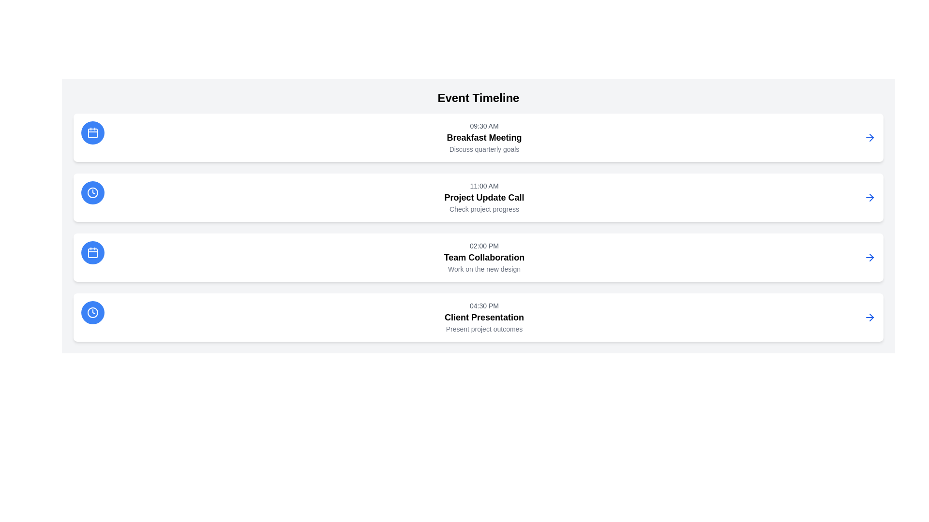  What do you see at coordinates (871, 257) in the screenshot?
I see `the right-arrow icon in the third row of the vertically stacked list` at bounding box center [871, 257].